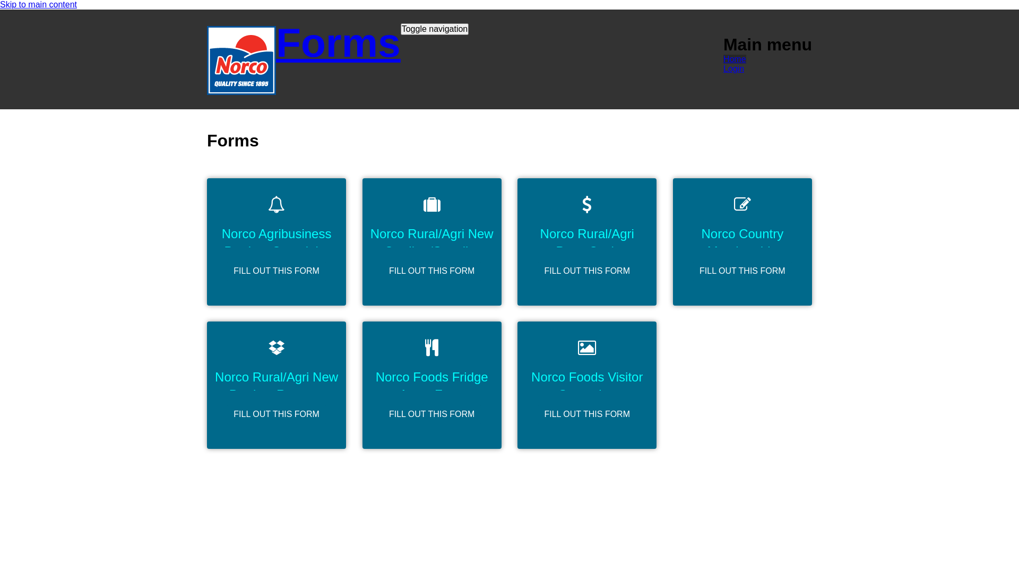 Image resolution: width=1019 pixels, height=573 pixels. I want to click on 'Home', so click(241, 87).